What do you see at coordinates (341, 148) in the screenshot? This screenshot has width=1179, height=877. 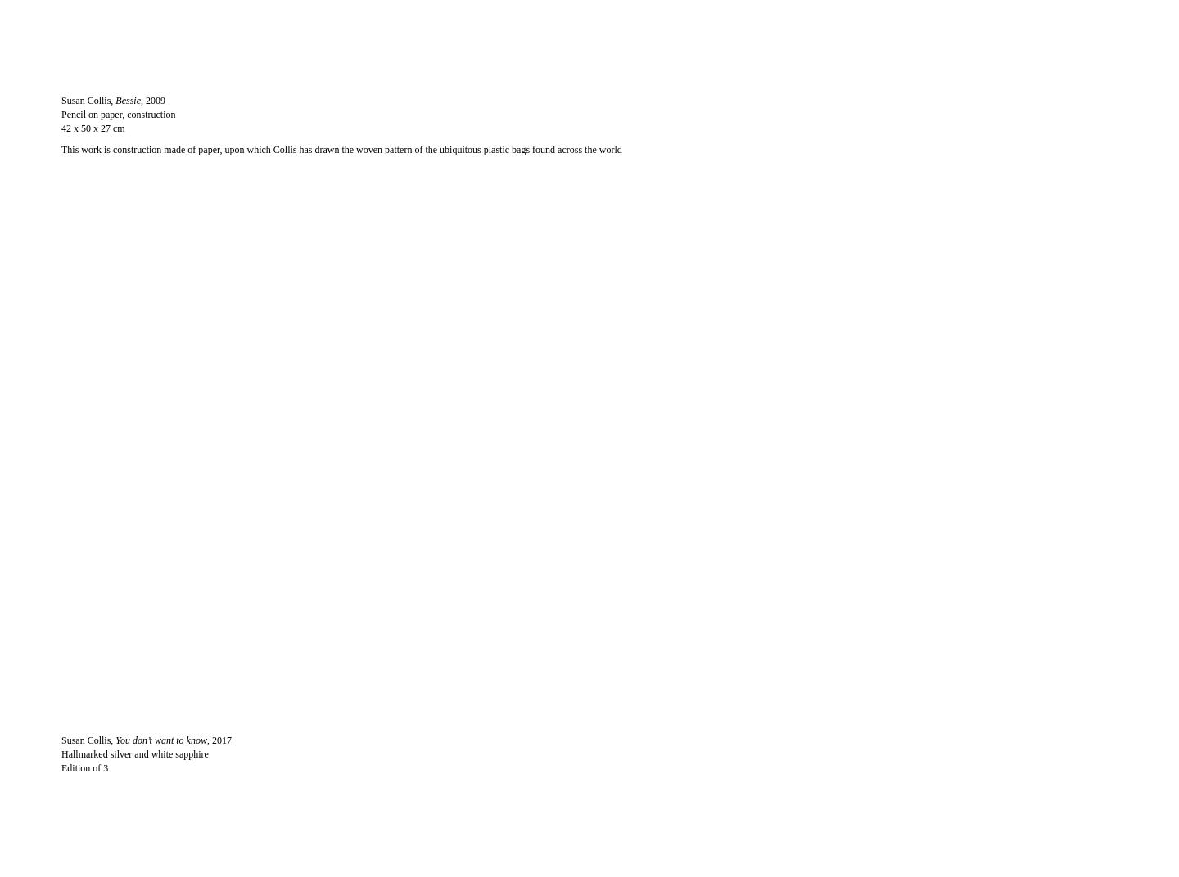 I see `'This work is construction made of paper, upon which Collis has drawn the woven pattern of the ubiquitous plastic bags found across the world'` at bounding box center [341, 148].